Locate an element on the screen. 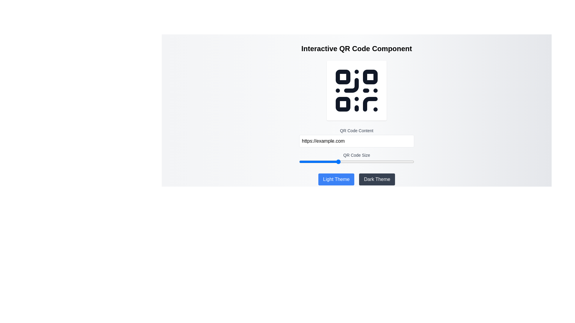 This screenshot has width=575, height=323. the small square with a white fill and black border located at the bottom-left corner of the QR code graphic is located at coordinates (343, 104).